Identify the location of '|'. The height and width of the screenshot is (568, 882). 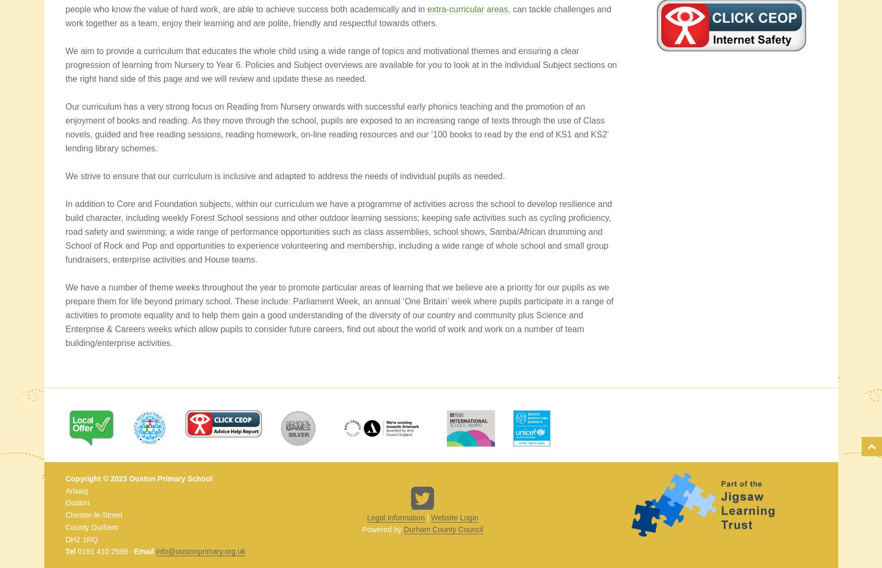
(423, 516).